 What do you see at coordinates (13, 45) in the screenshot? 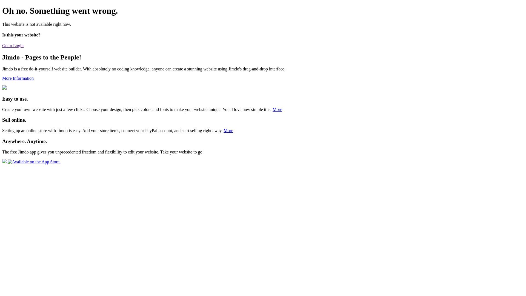
I see `'Go to Login'` at bounding box center [13, 45].